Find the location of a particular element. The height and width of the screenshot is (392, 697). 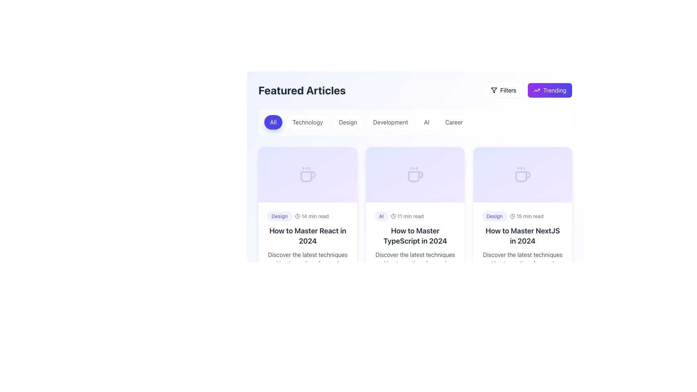

the main title text label of the first article card in the 'Featured Articles' section, which is positioned below the 'Design' category label and above the summary text is located at coordinates (308, 236).